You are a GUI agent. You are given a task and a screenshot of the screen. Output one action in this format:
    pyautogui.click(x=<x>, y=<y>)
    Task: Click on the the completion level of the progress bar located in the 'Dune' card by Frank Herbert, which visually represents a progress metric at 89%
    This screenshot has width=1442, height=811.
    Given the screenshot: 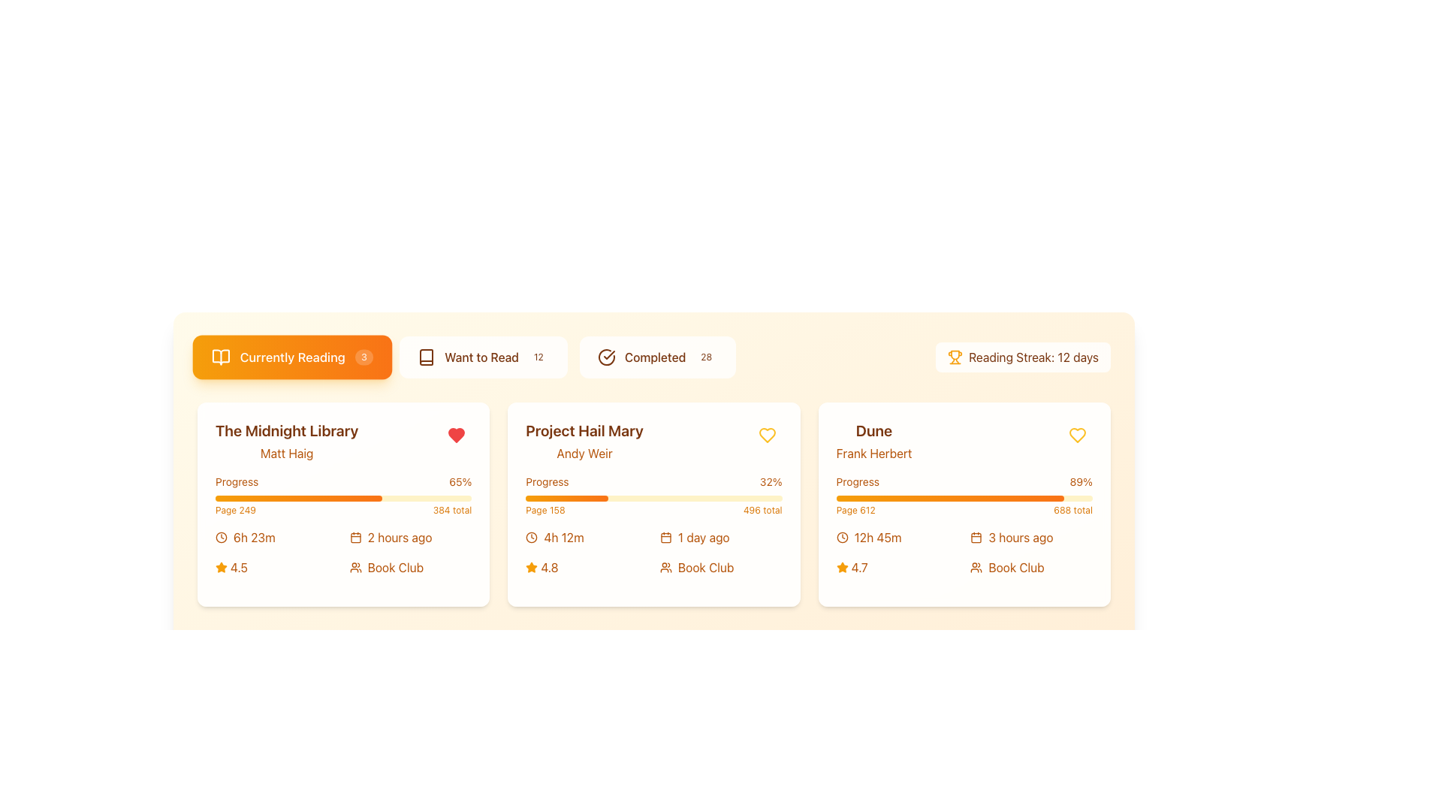 What is the action you would take?
    pyautogui.click(x=964, y=498)
    